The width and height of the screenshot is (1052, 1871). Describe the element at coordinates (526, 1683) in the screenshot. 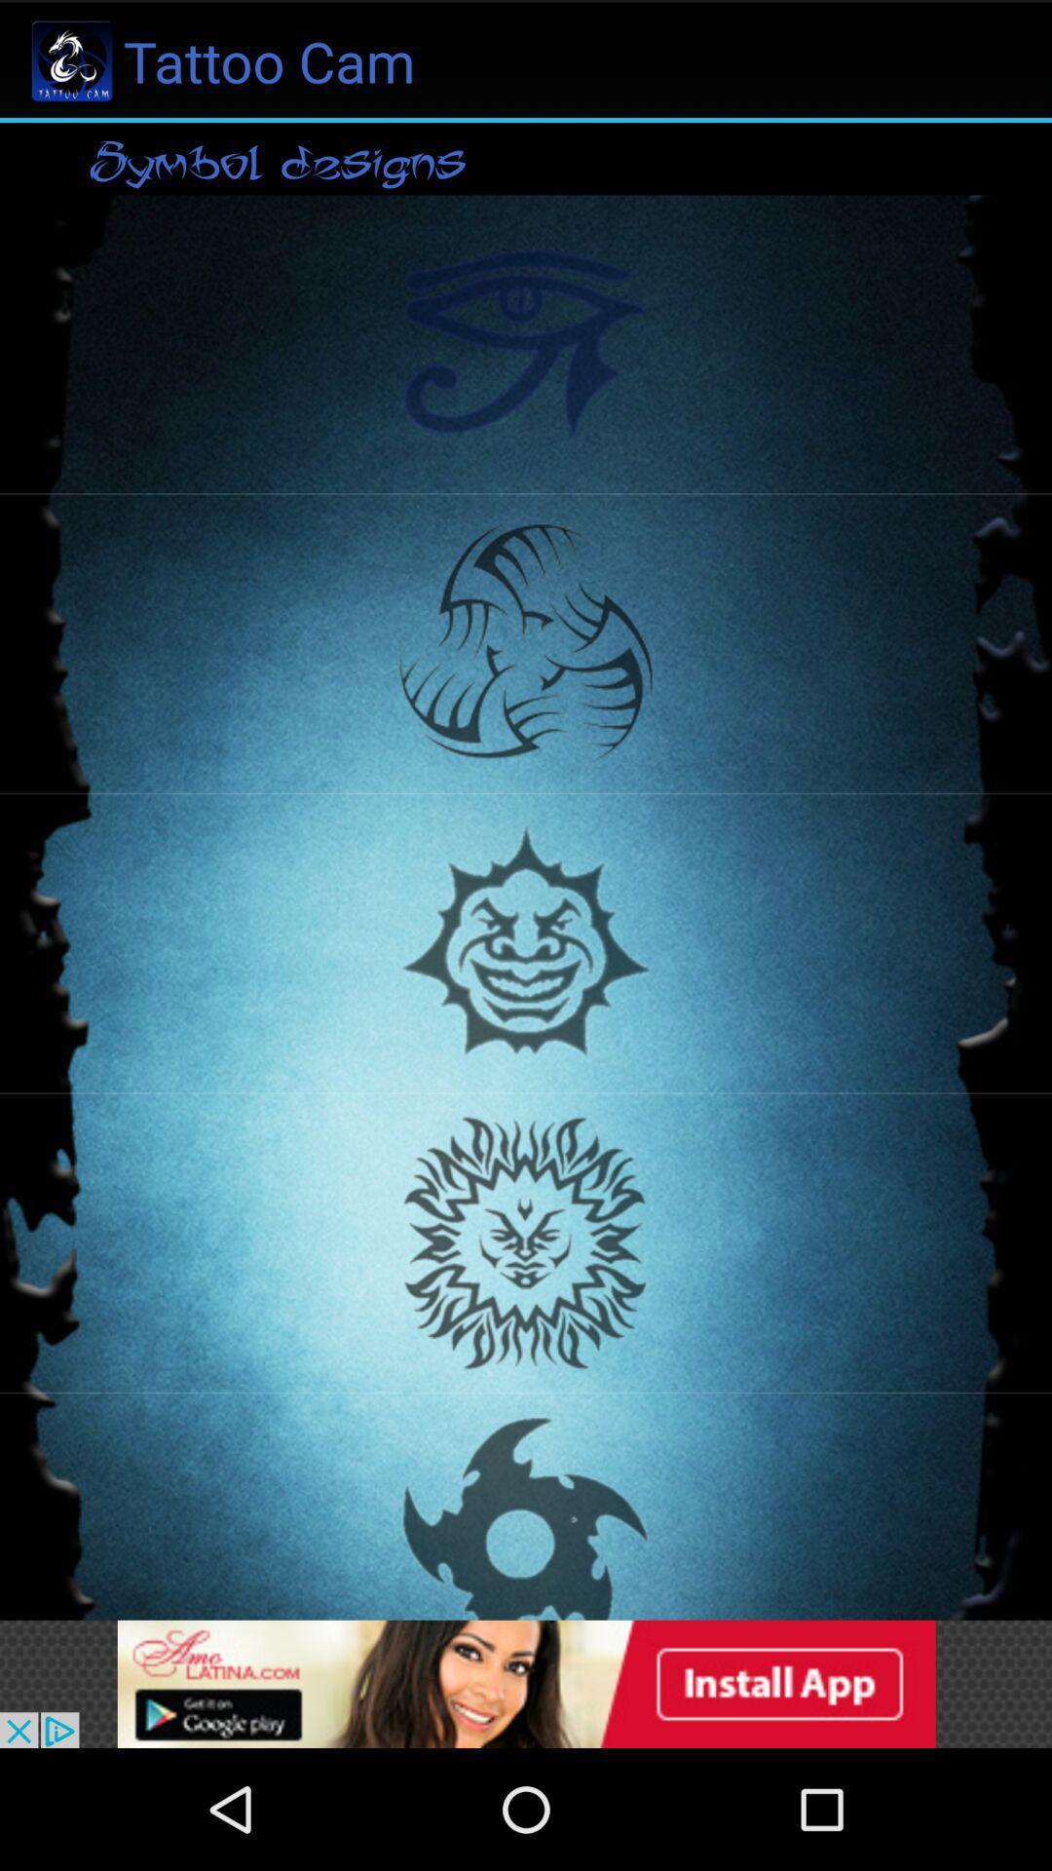

I see `advertisement` at that location.